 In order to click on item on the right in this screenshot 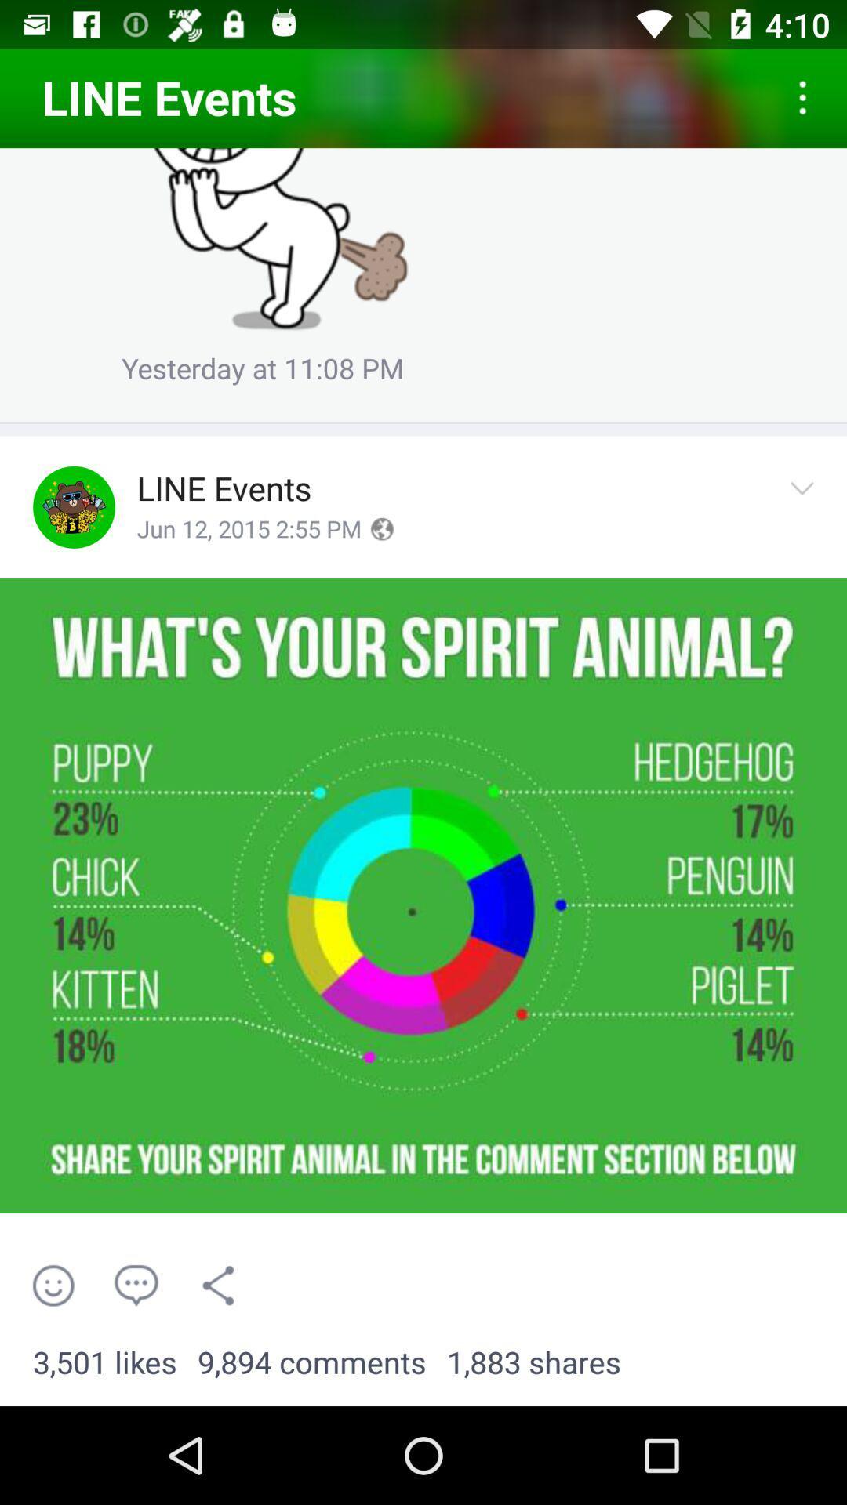, I will do `click(807, 507)`.